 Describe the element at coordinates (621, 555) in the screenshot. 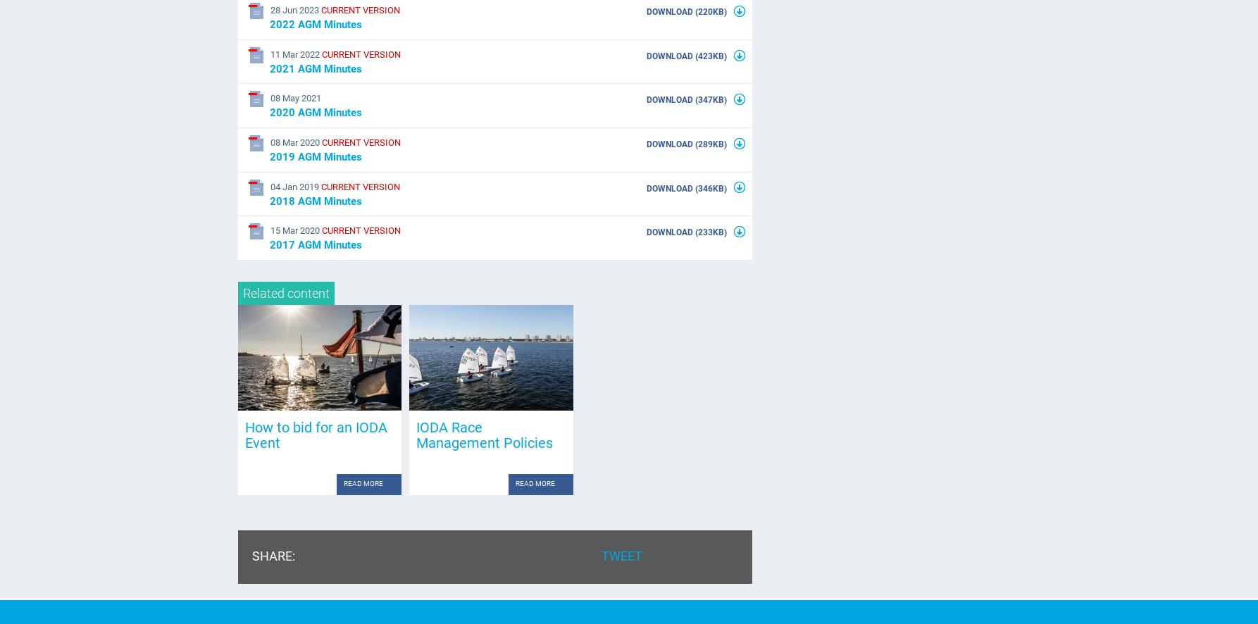

I see `'Tweet'` at that location.